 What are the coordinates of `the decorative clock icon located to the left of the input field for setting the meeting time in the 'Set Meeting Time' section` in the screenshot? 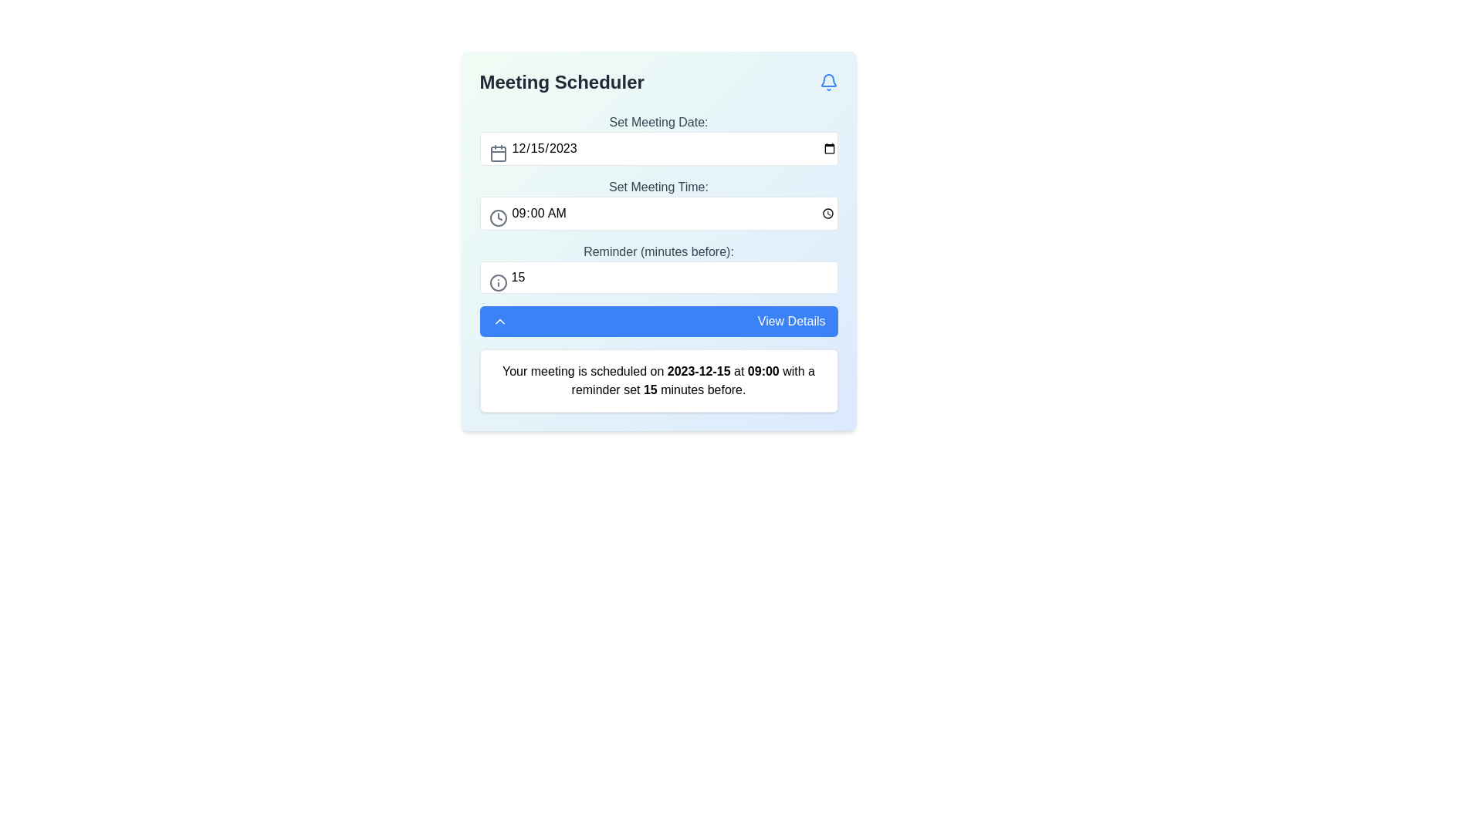 It's located at (498, 218).